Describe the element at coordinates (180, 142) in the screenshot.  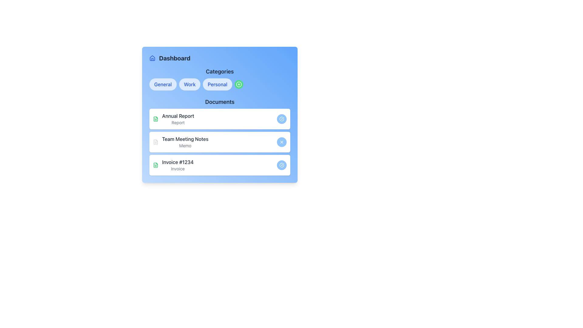
I see `the 'Team Meeting Notes' document entry` at that location.